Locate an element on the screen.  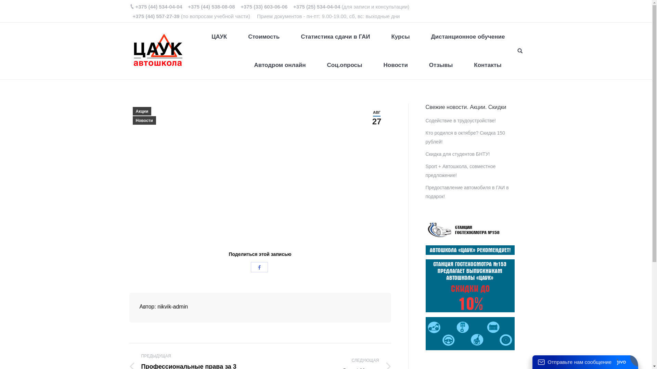
'Facebook' is located at coordinates (259, 266).